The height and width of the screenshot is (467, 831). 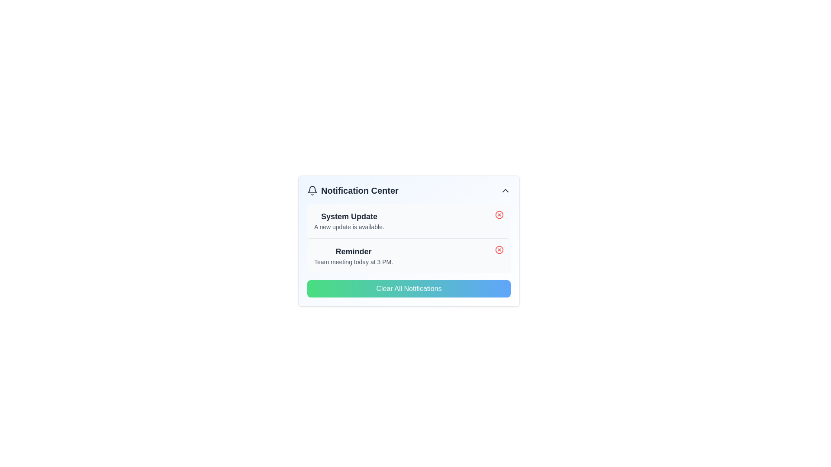 I want to click on the title 'System Update' from the heading styled text label positioned within the notification block under 'Notification Center', so click(x=349, y=216).